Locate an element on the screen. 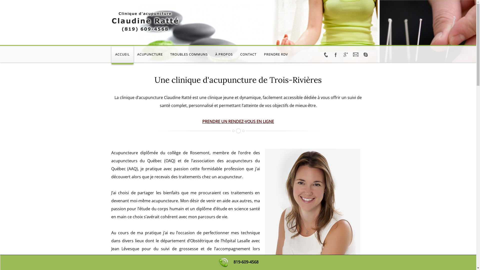  'PRENDRE RDV' is located at coordinates (275, 55).